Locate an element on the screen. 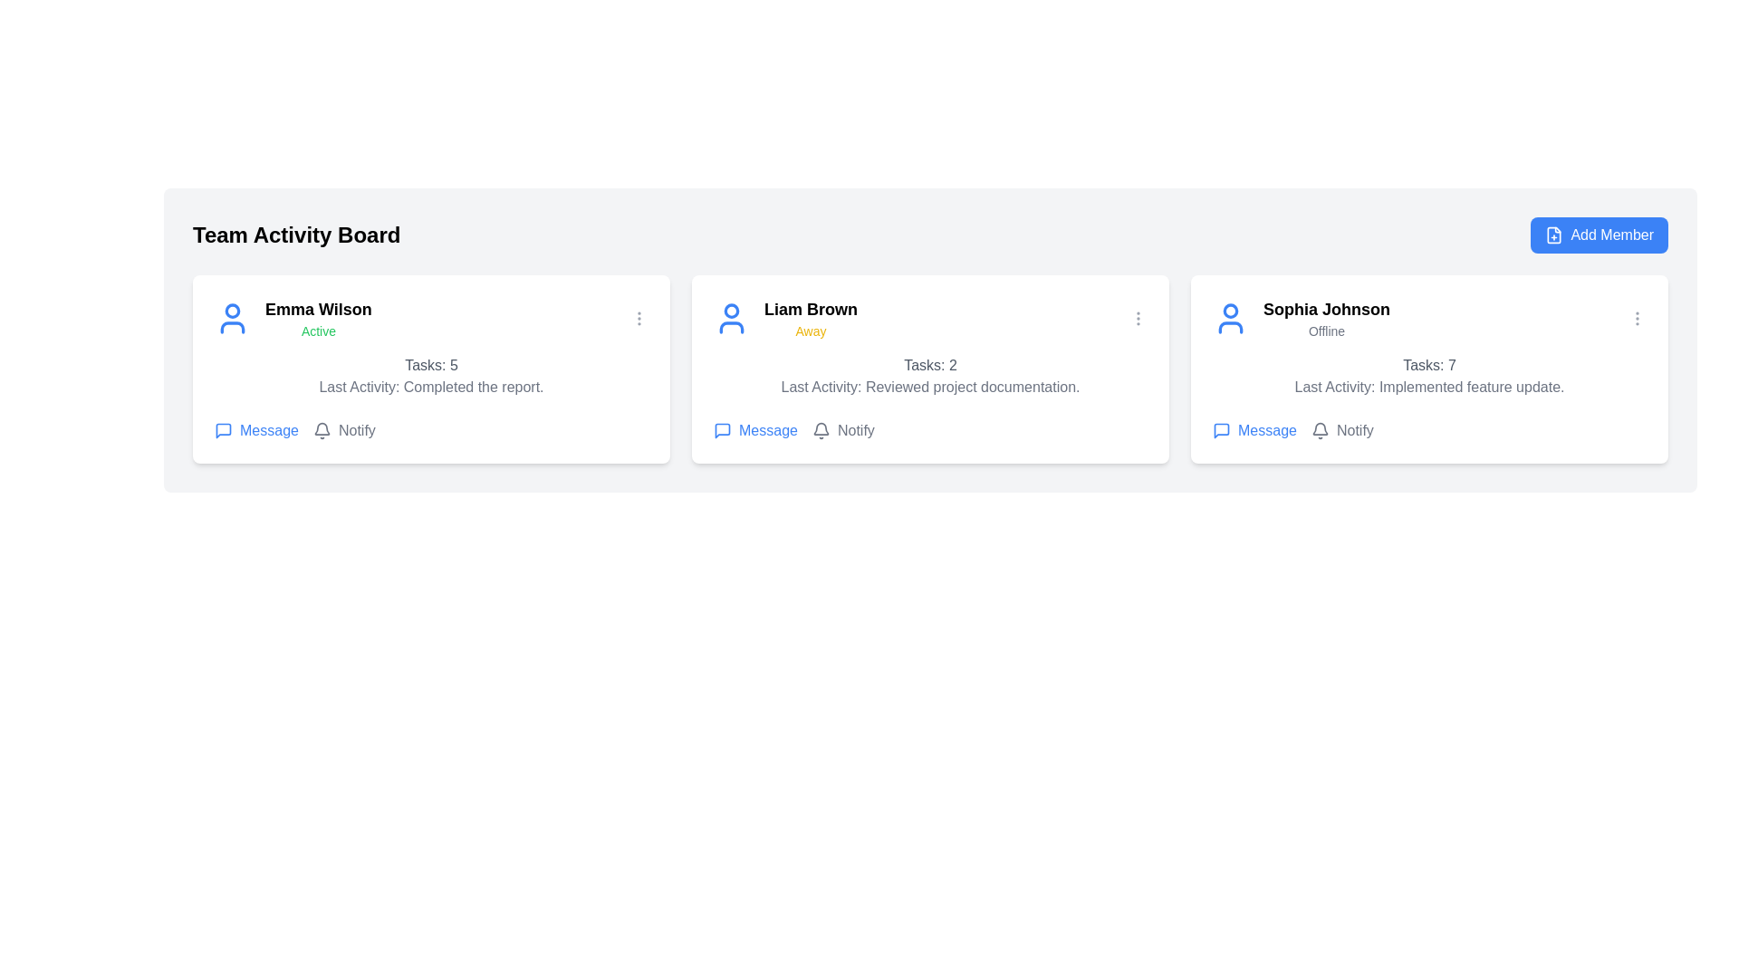 Image resolution: width=1739 pixels, height=978 pixels. the 'Message' button, which features a message bubble icon and blue text is located at coordinates (755, 430).